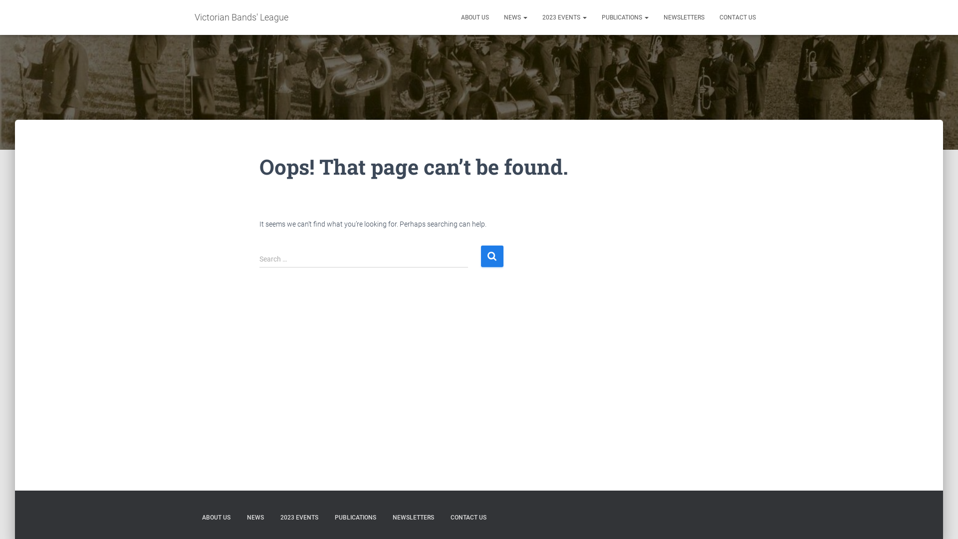 This screenshot has height=539, width=958. What do you see at coordinates (684, 17) in the screenshot?
I see `'NEWSLETTERS'` at bounding box center [684, 17].